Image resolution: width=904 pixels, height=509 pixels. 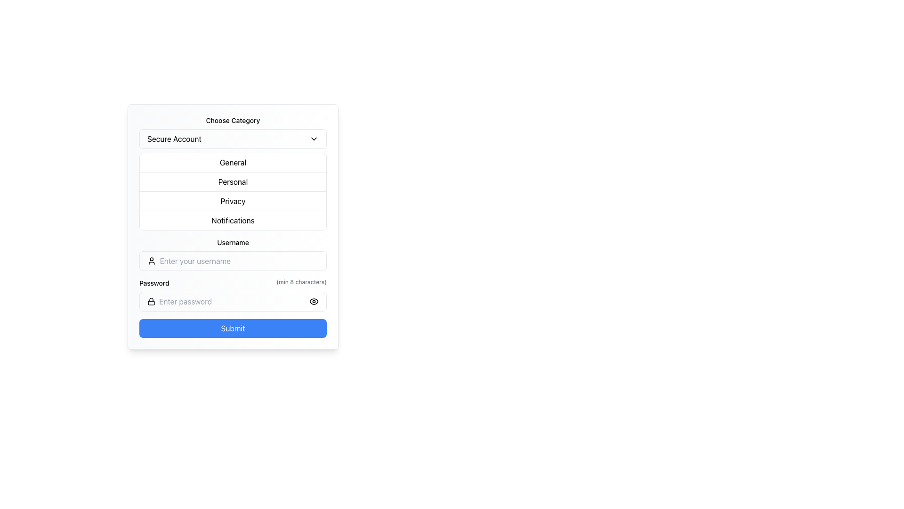 What do you see at coordinates (151, 302) in the screenshot?
I see `the lock icon inside the password input field, which is styled in grayscale and located on the left side of the input area` at bounding box center [151, 302].